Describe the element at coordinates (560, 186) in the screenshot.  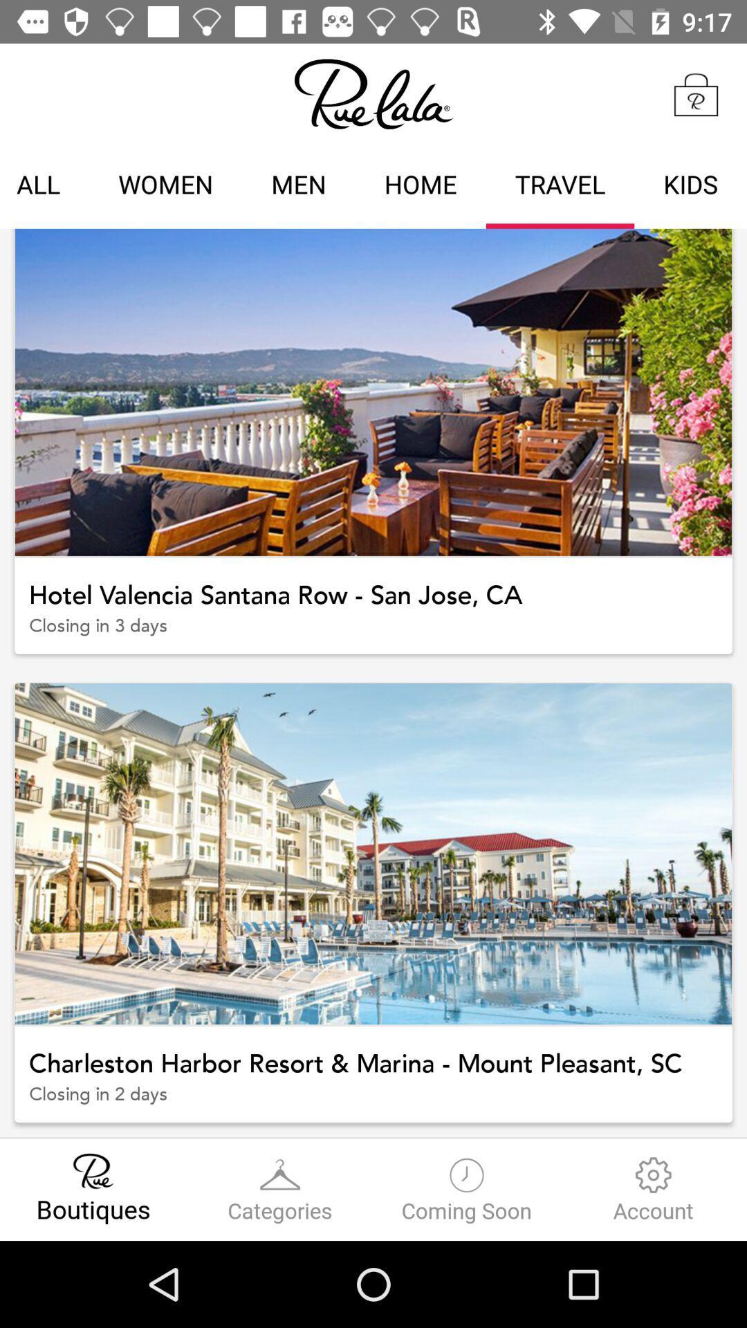
I see `travel` at that location.